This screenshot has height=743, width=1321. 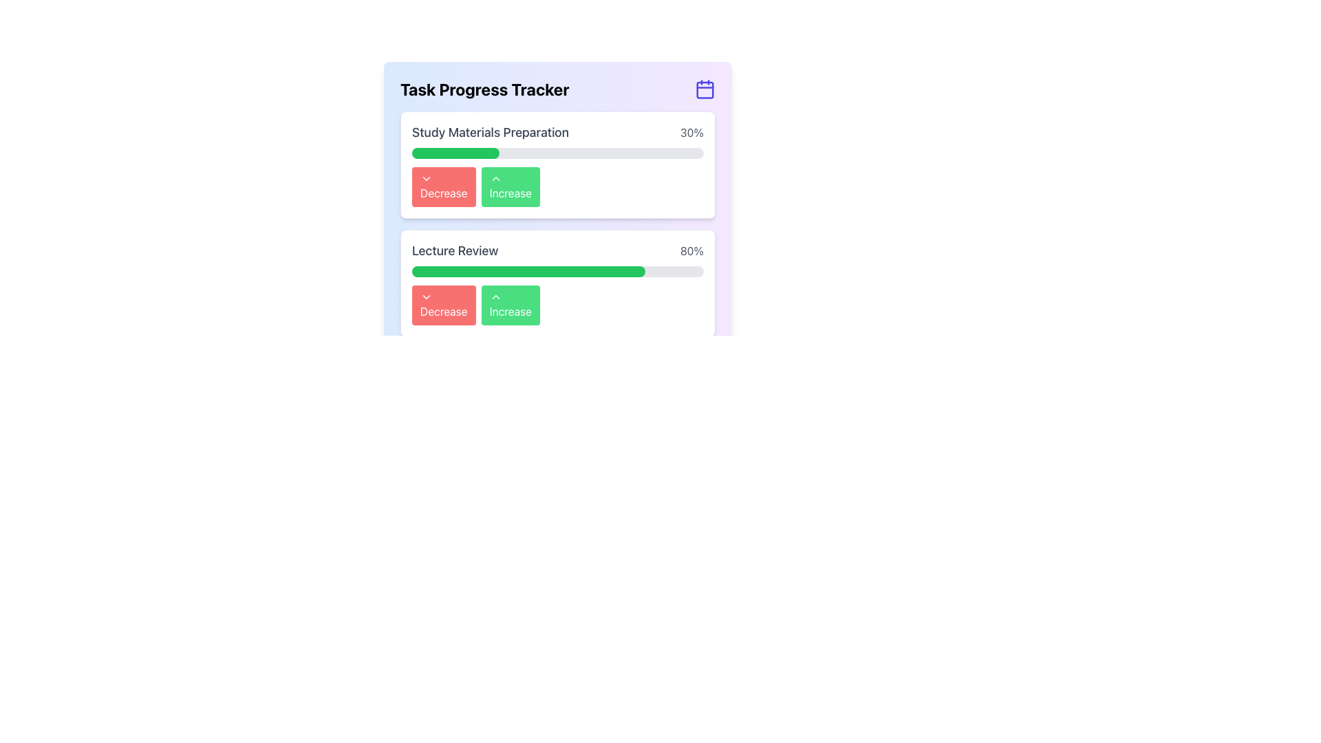 I want to click on progress bar located in the second row beneath 'Study Materials Preparation' and above the 'Decrease' and 'Increase' controls, so click(x=558, y=153).